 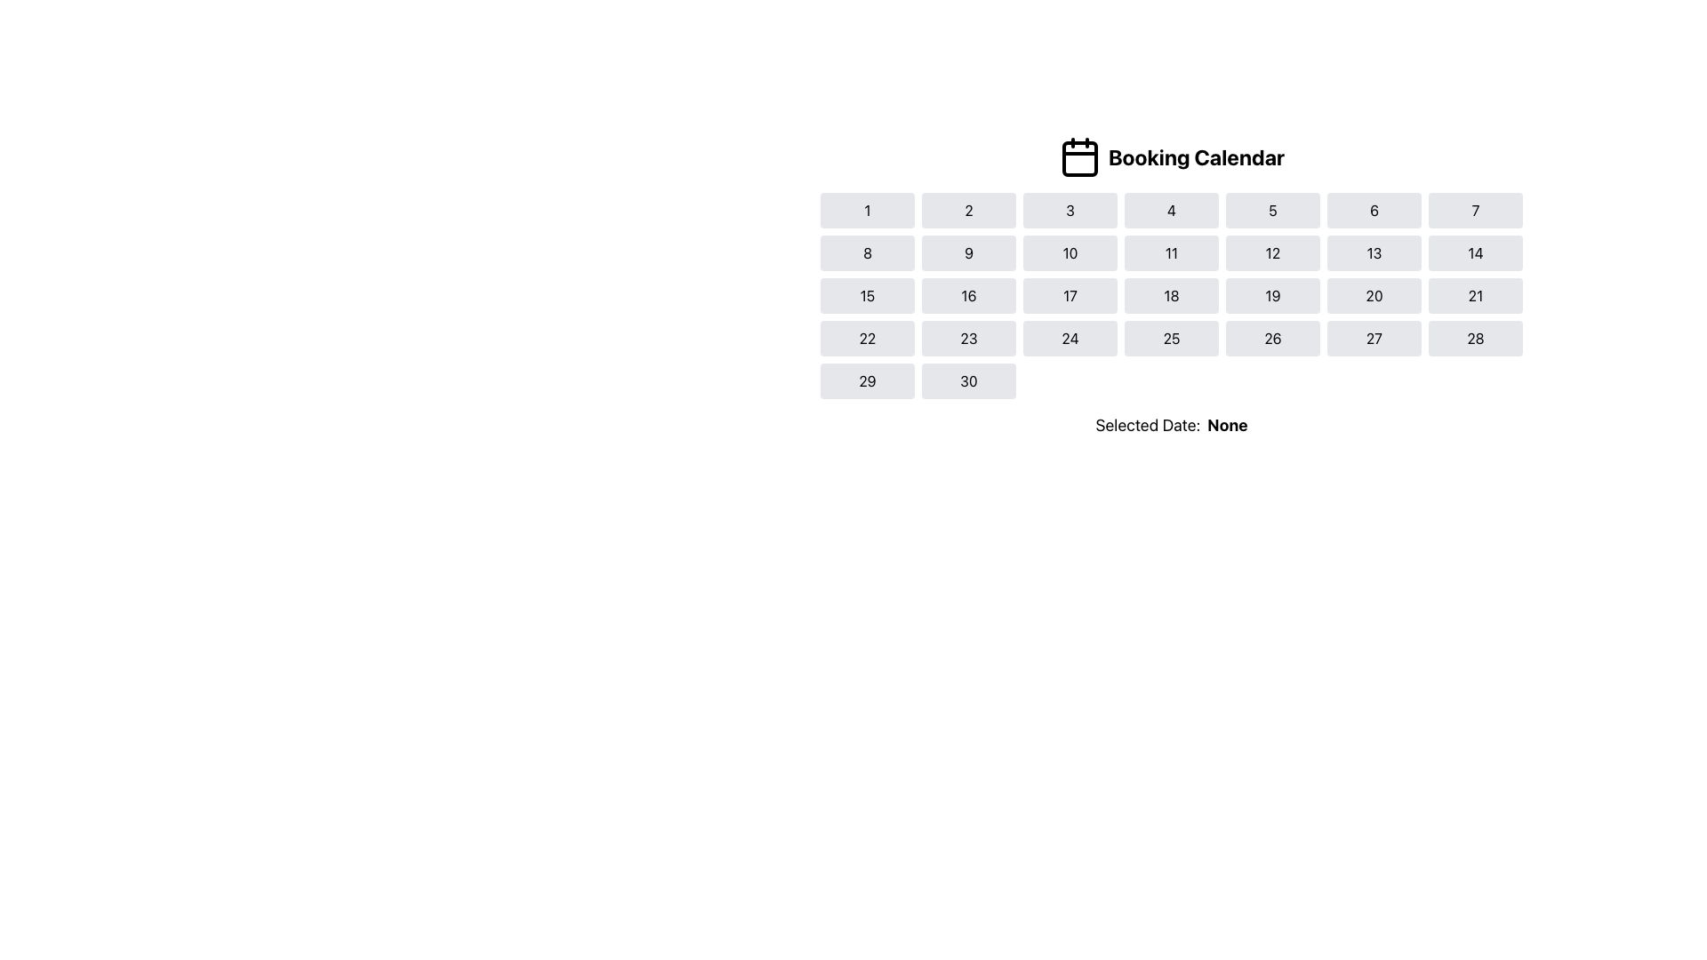 What do you see at coordinates (1271, 253) in the screenshot?
I see `the button in the second row and fifth column of the grid` at bounding box center [1271, 253].